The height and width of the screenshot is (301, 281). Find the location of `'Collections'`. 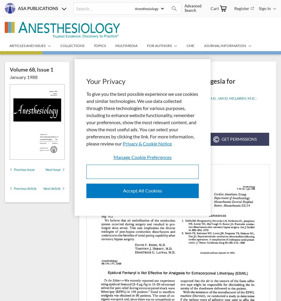

'Collections' is located at coordinates (72, 46).